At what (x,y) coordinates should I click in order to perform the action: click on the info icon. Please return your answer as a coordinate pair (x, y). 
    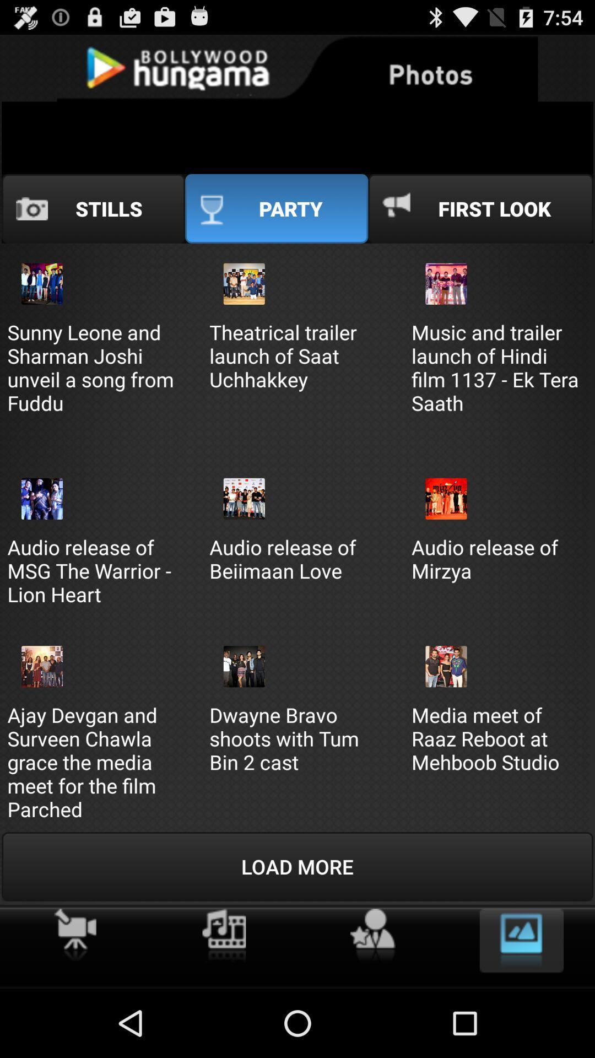
    Looking at the image, I should click on (223, 1001).